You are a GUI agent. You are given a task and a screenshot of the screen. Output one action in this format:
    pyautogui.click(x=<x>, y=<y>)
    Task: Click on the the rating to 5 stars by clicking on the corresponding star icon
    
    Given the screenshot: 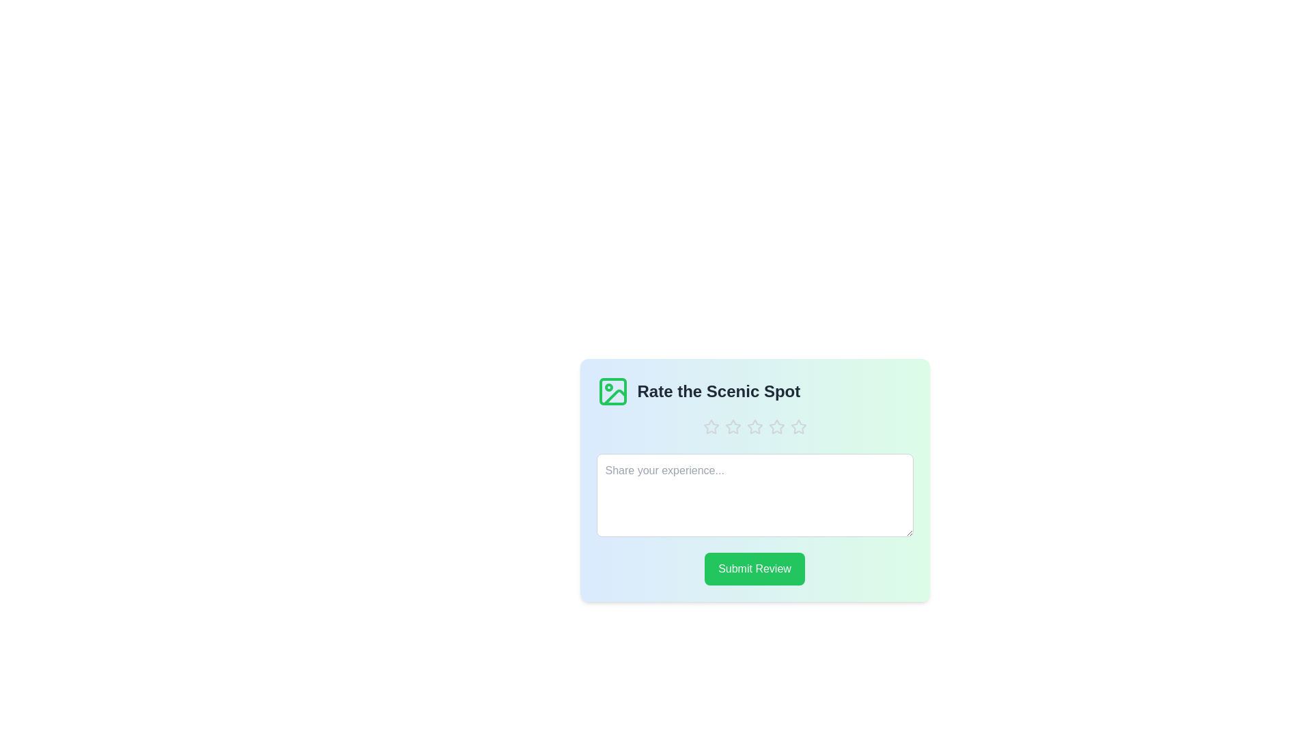 What is the action you would take?
    pyautogui.click(x=798, y=426)
    